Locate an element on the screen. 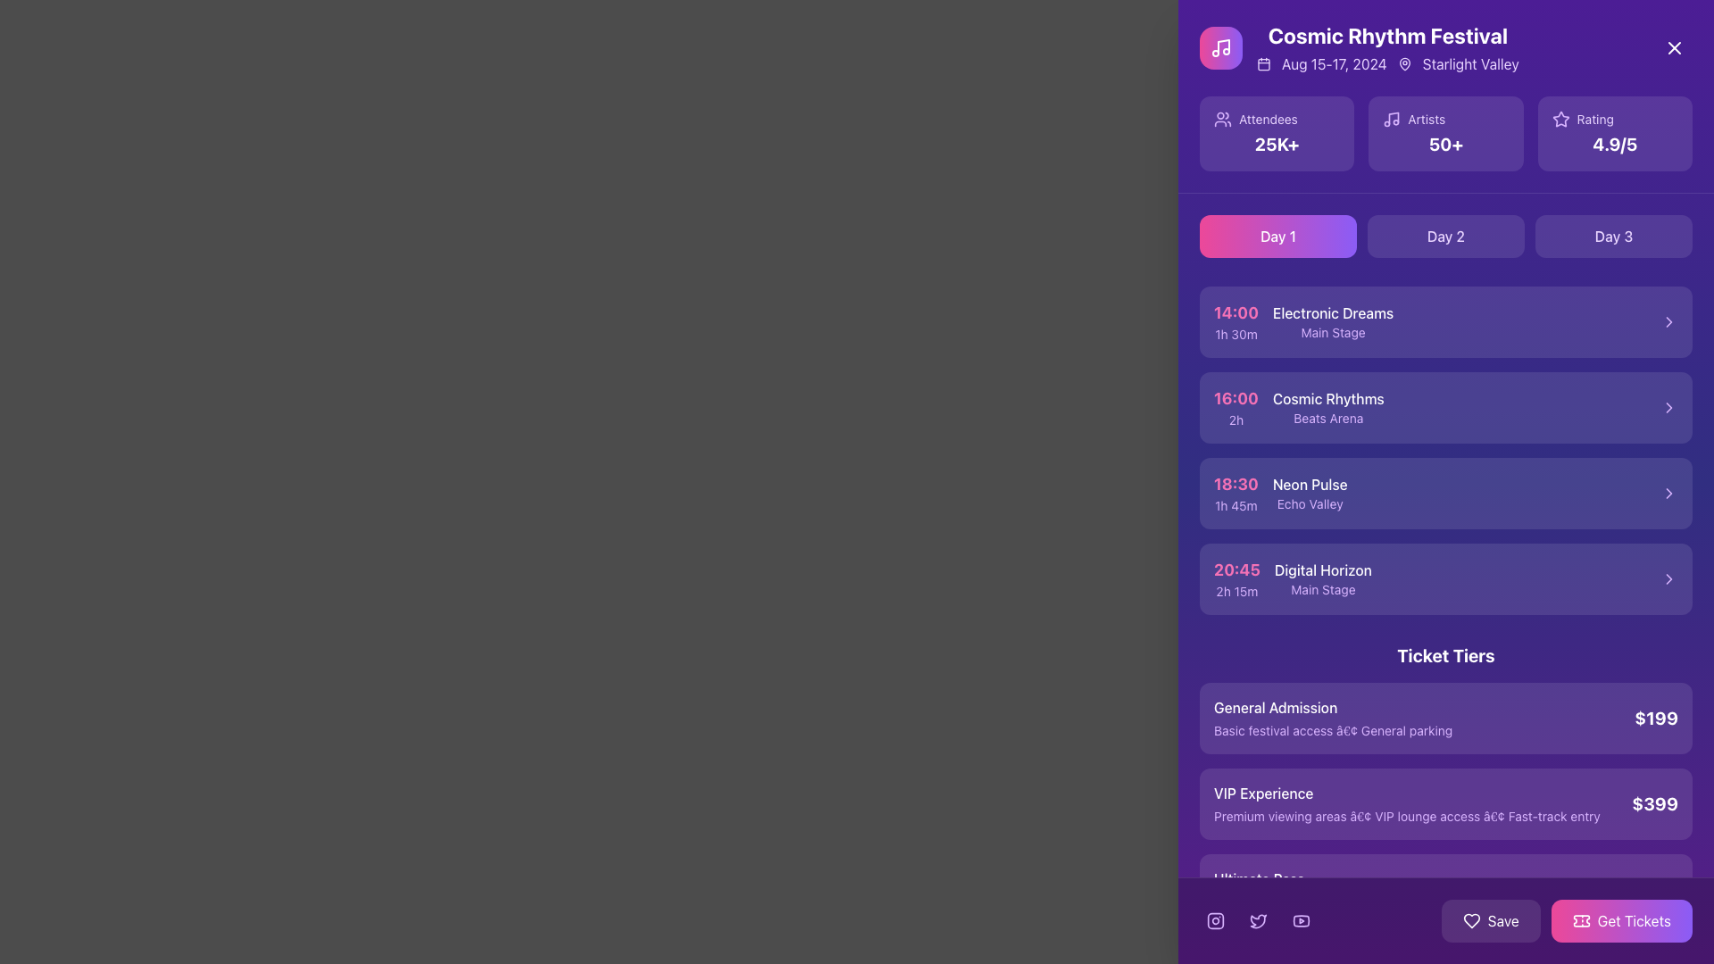 The height and width of the screenshot is (964, 1714). numeric value displayed in the Text Content Display under the 'Attendees' label, which shows the number of attendees formatted with a 'K+' suffix is located at coordinates (1276, 144).